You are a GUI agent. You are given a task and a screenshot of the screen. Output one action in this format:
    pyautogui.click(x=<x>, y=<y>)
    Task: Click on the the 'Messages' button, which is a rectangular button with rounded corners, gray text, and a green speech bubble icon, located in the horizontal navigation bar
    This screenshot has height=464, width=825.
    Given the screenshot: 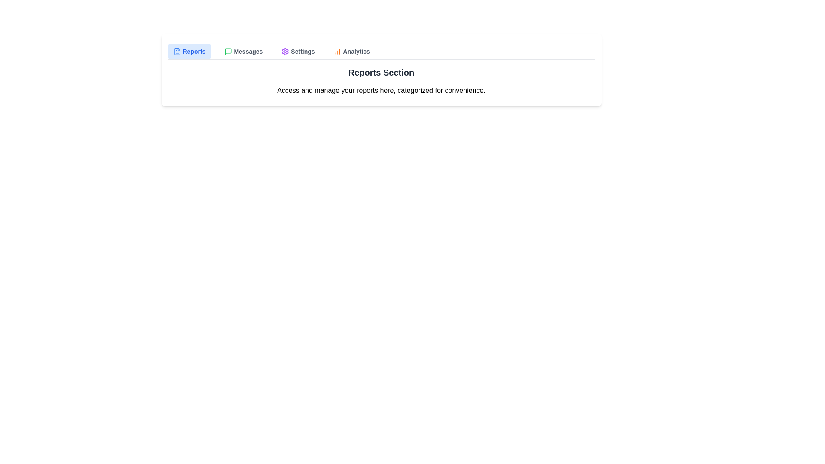 What is the action you would take?
    pyautogui.click(x=243, y=51)
    